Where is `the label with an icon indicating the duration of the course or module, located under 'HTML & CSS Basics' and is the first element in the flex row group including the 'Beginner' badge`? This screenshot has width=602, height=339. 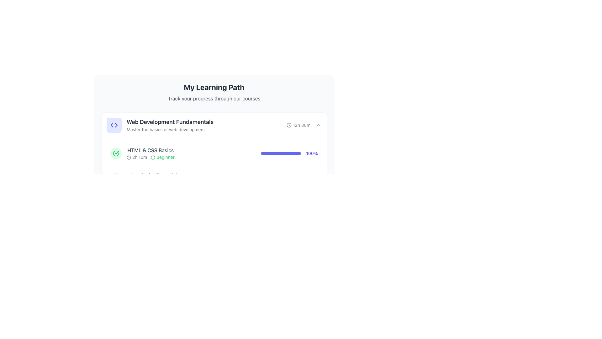 the label with an icon indicating the duration of the course or module, located under 'HTML & CSS Basics' and is the first element in the flex row group including the 'Beginner' badge is located at coordinates (136, 157).